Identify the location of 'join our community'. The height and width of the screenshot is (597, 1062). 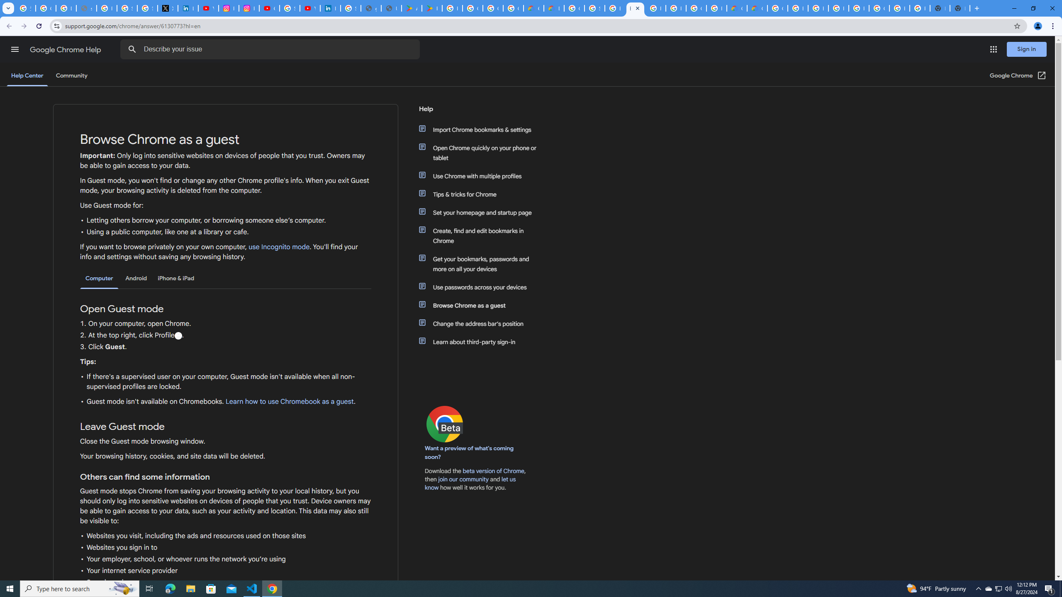
(463, 479).